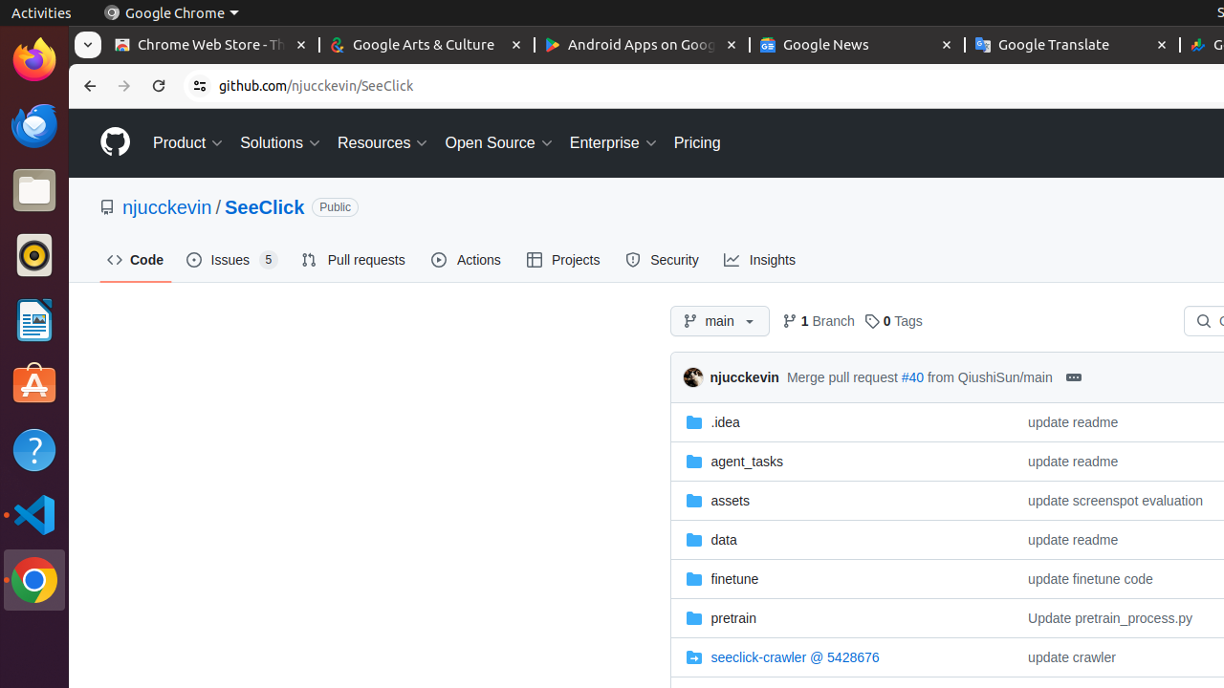 Image resolution: width=1224 pixels, height=688 pixels. What do you see at coordinates (1073, 376) in the screenshot?
I see `'Open commit details'` at bounding box center [1073, 376].